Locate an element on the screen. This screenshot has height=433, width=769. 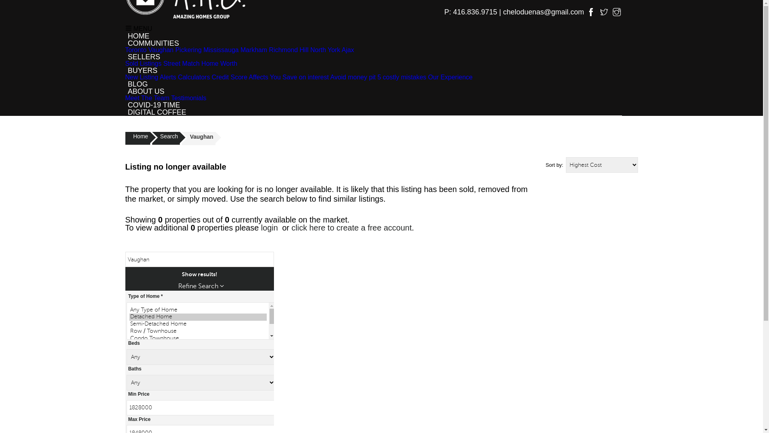
'login' is located at coordinates (269, 227).